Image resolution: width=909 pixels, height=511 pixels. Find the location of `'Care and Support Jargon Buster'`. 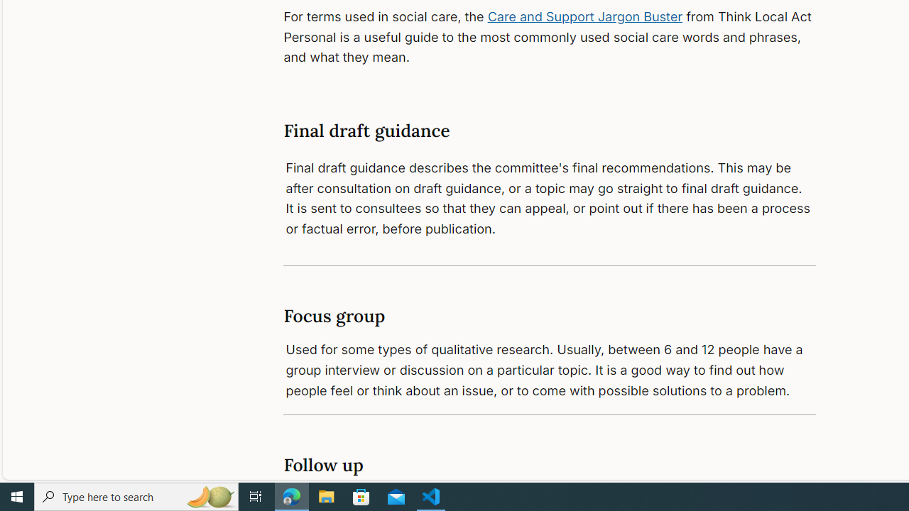

'Care and Support Jargon Buster' is located at coordinates (585, 16).